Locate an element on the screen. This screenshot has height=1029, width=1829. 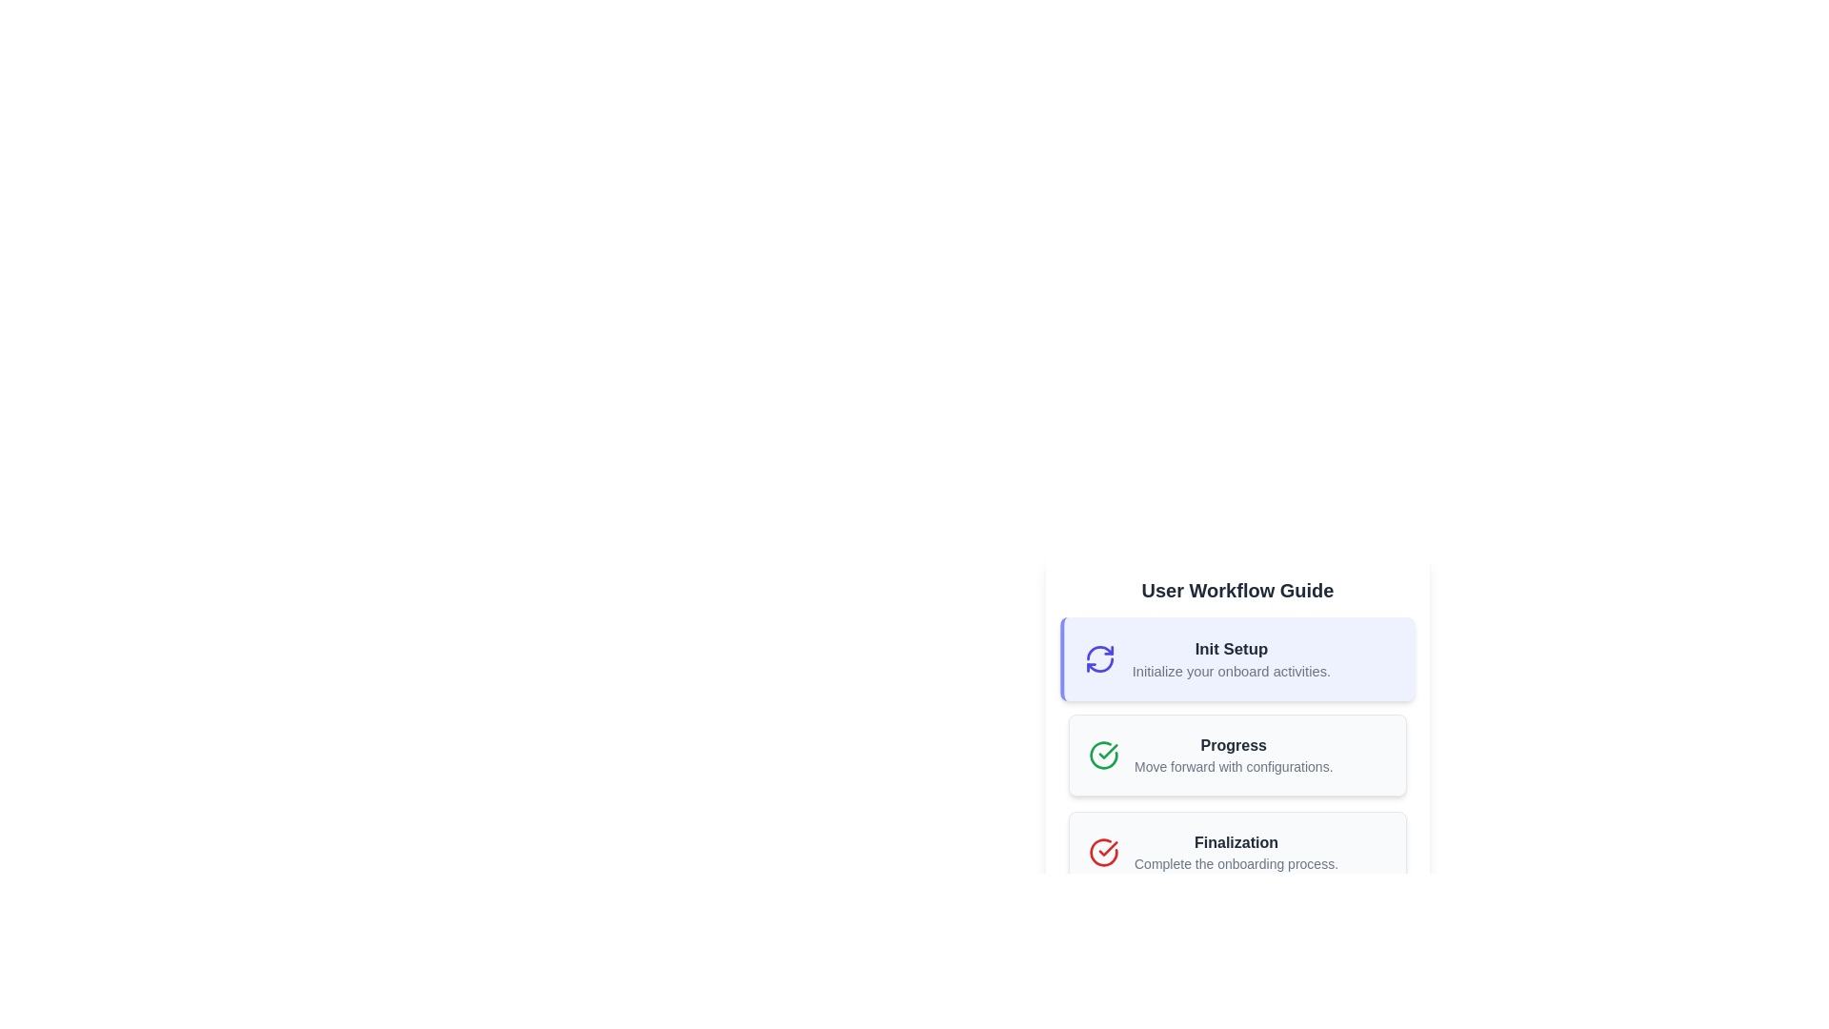
the Text Label that serves as a heading for the second step in the 'User Workflow Guide', positioned between 'Init Setup' and 'Finalization' is located at coordinates (1234, 745).